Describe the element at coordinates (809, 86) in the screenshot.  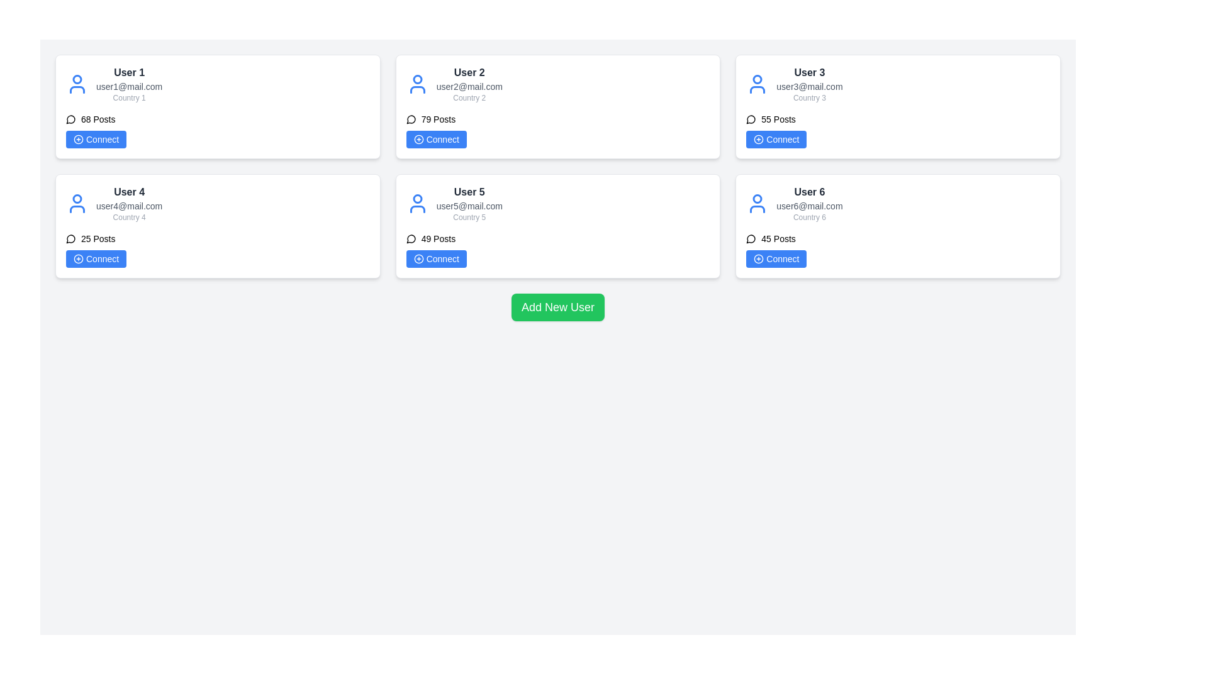
I see `the static text displaying the email address 'user3@mail.com', which is styled in a smaller gray font and positioned beneath 'User 3' in the upper-right user card` at that location.